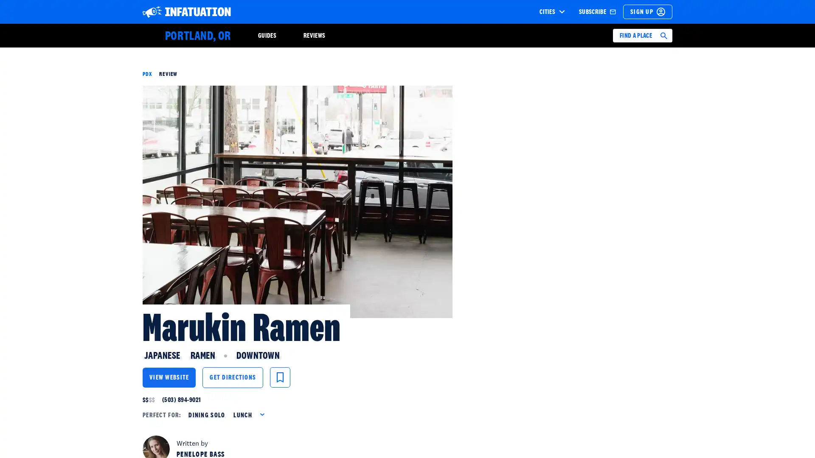 The width and height of the screenshot is (815, 458). What do you see at coordinates (233, 377) in the screenshot?
I see `GET DIRECTIONS` at bounding box center [233, 377].